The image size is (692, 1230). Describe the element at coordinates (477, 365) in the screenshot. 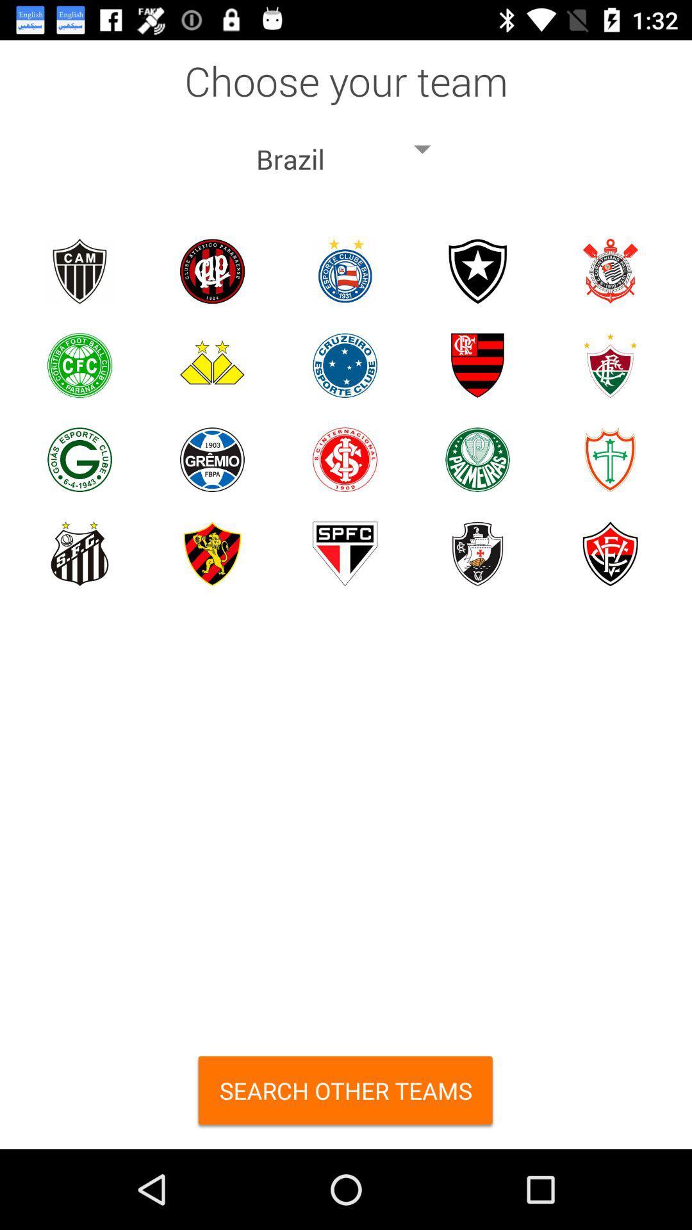

I see `team` at that location.